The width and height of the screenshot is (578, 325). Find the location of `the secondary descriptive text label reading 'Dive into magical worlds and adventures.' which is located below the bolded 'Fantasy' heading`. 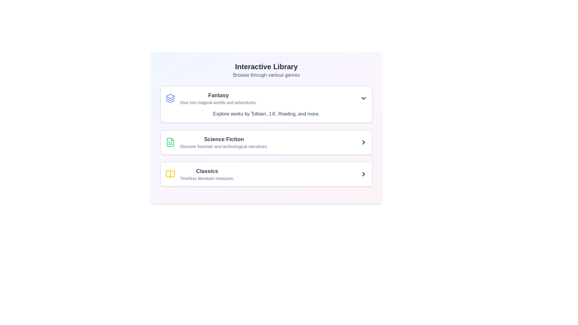

the secondary descriptive text label reading 'Dive into magical worlds and adventures.' which is located below the bolded 'Fantasy' heading is located at coordinates (218, 102).